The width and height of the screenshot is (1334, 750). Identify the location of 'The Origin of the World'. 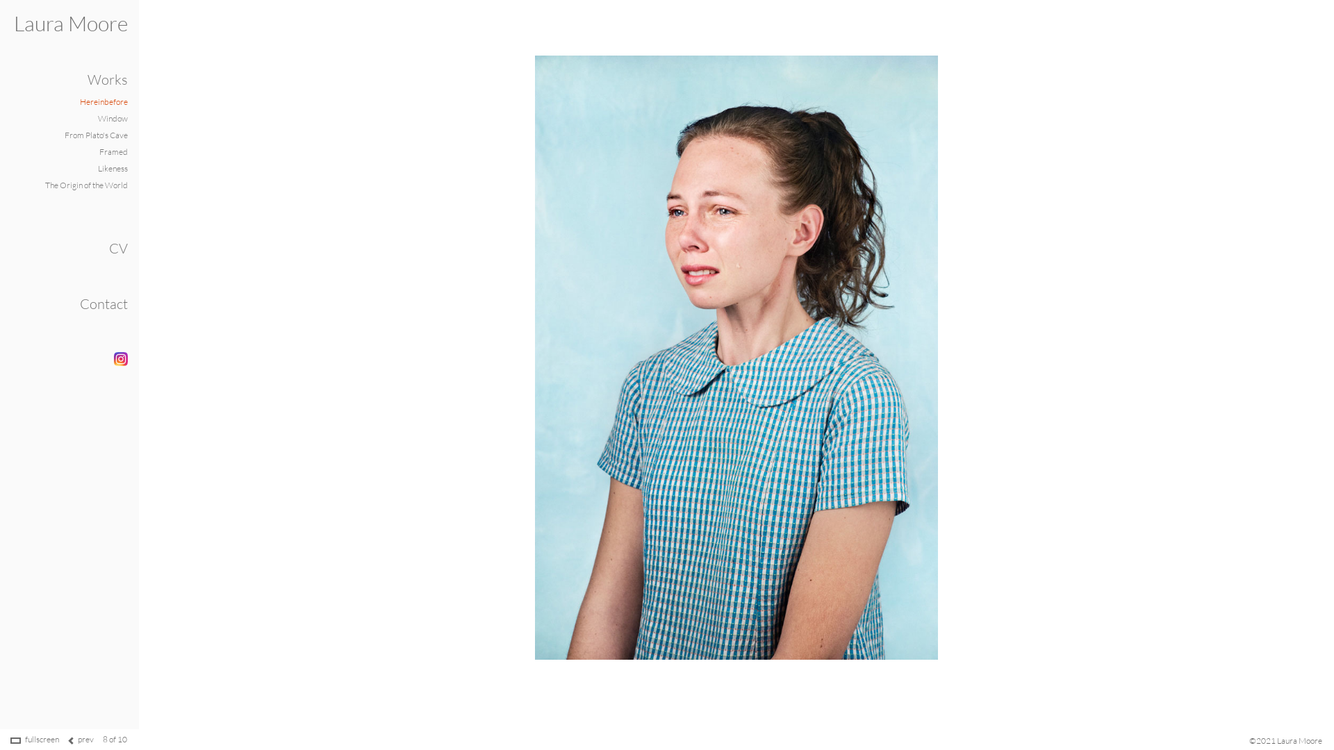
(85, 184).